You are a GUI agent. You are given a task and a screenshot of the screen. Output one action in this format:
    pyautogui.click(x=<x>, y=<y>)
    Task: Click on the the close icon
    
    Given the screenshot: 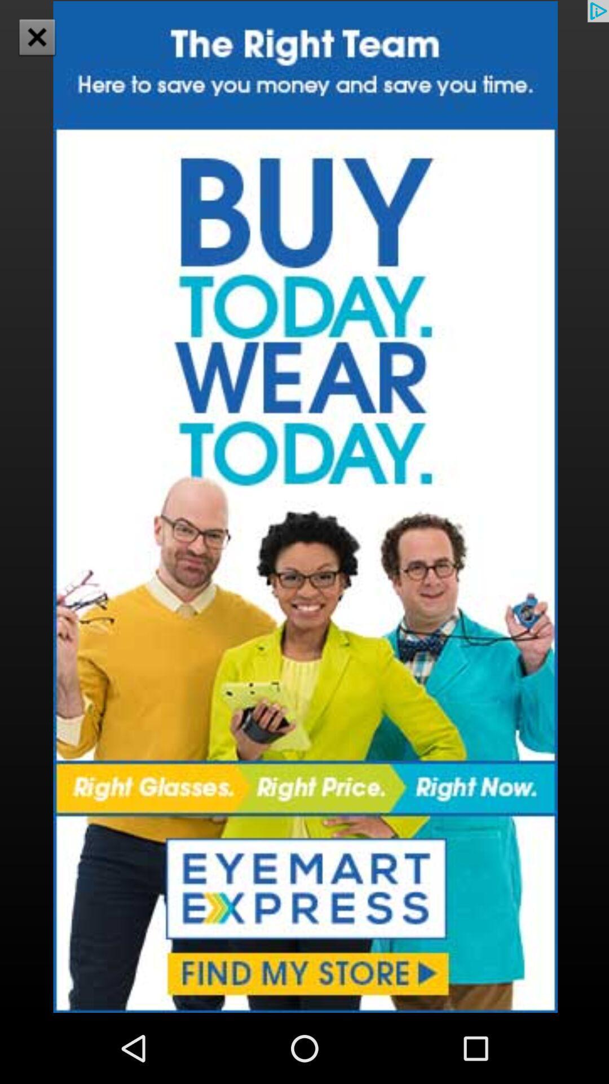 What is the action you would take?
    pyautogui.click(x=36, y=40)
    